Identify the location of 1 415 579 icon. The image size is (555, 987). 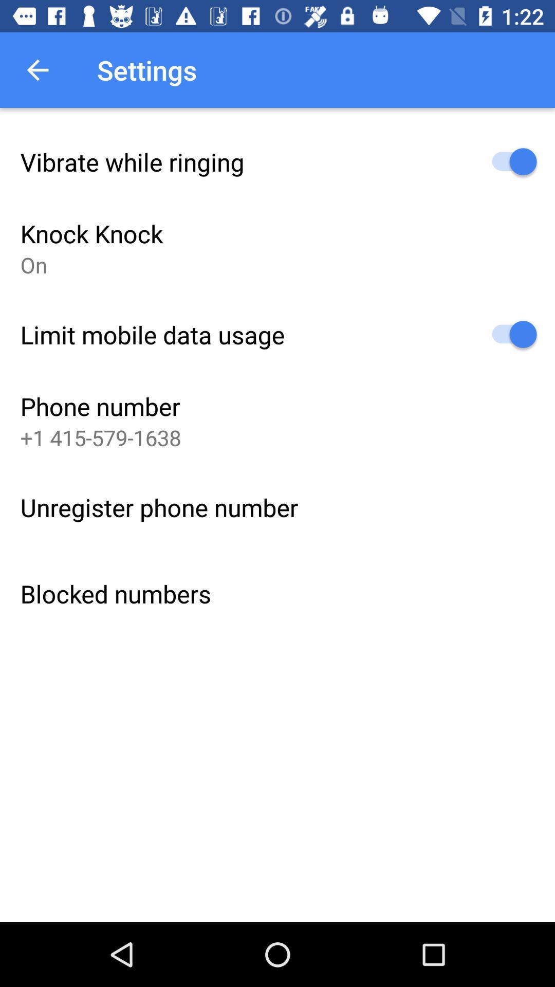
(101, 437).